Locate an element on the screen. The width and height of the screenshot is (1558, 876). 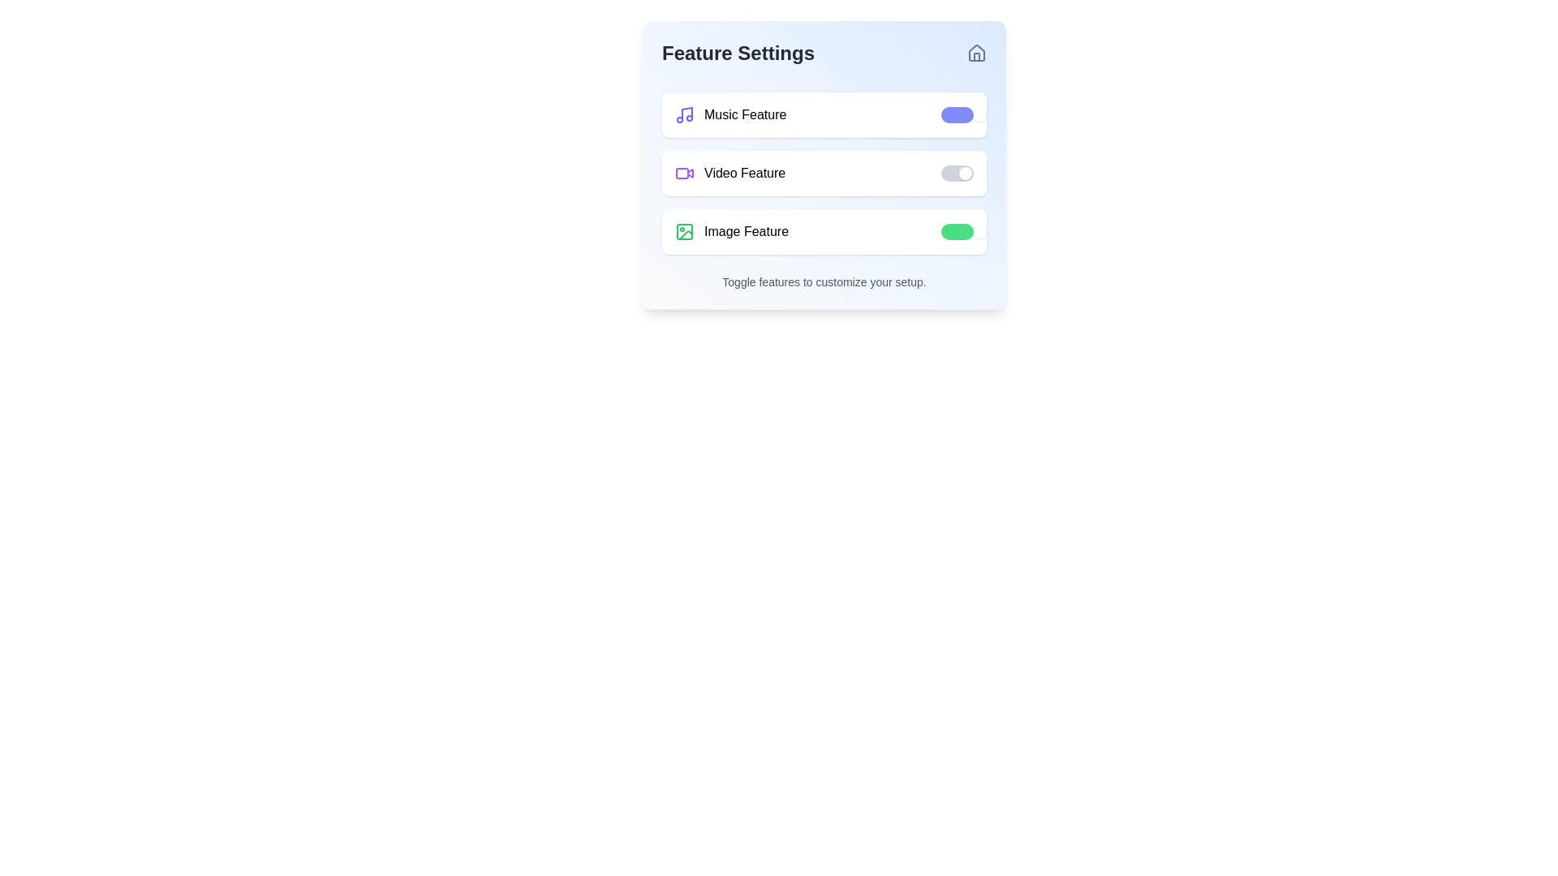
the 'Music Feature' text label, which is displayed in medium-weight font and positioned to the right of a music icon in the feature settings list is located at coordinates (744, 114).